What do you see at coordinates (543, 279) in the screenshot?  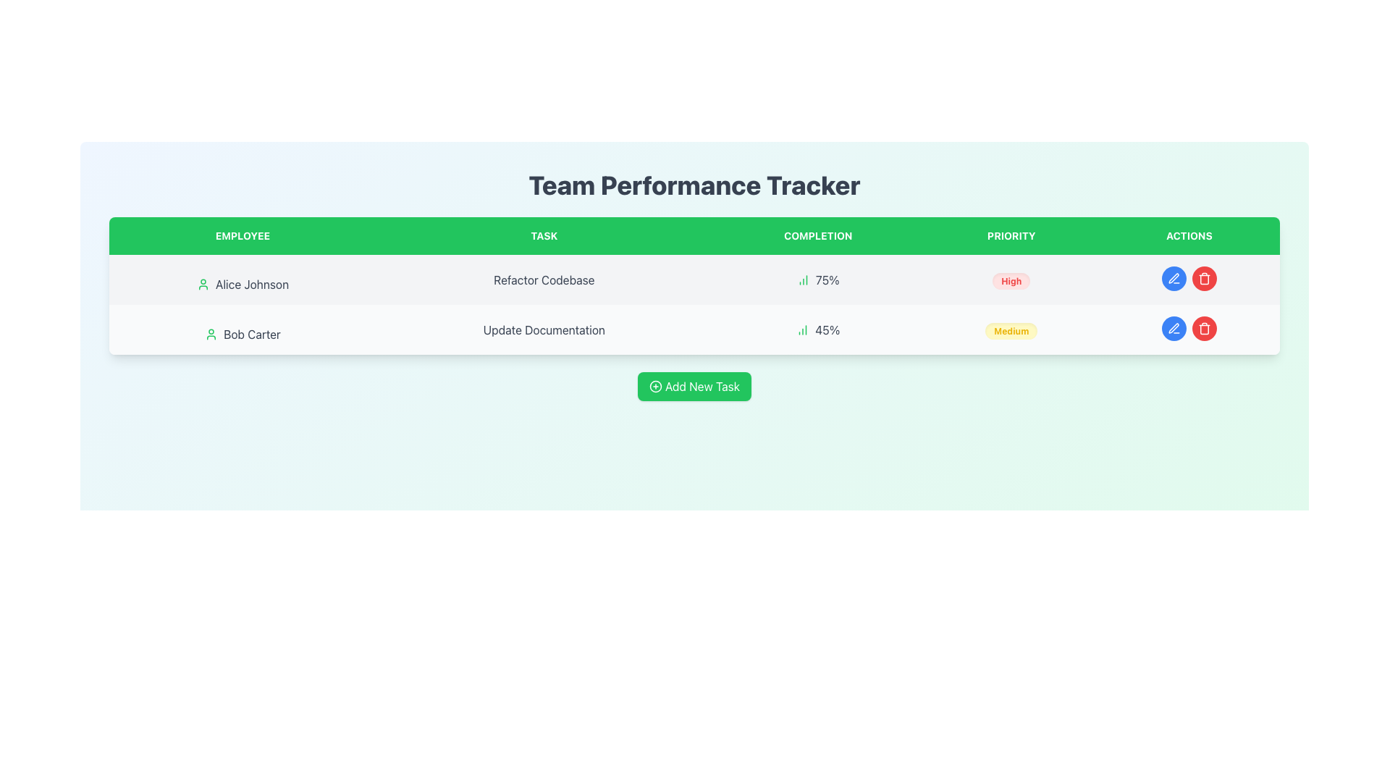 I see `the text label that communicates the task name assigned to 'Alice Johnson' in the task performance tracking interface, located in the second column of the first row of the structured table layout` at bounding box center [543, 279].